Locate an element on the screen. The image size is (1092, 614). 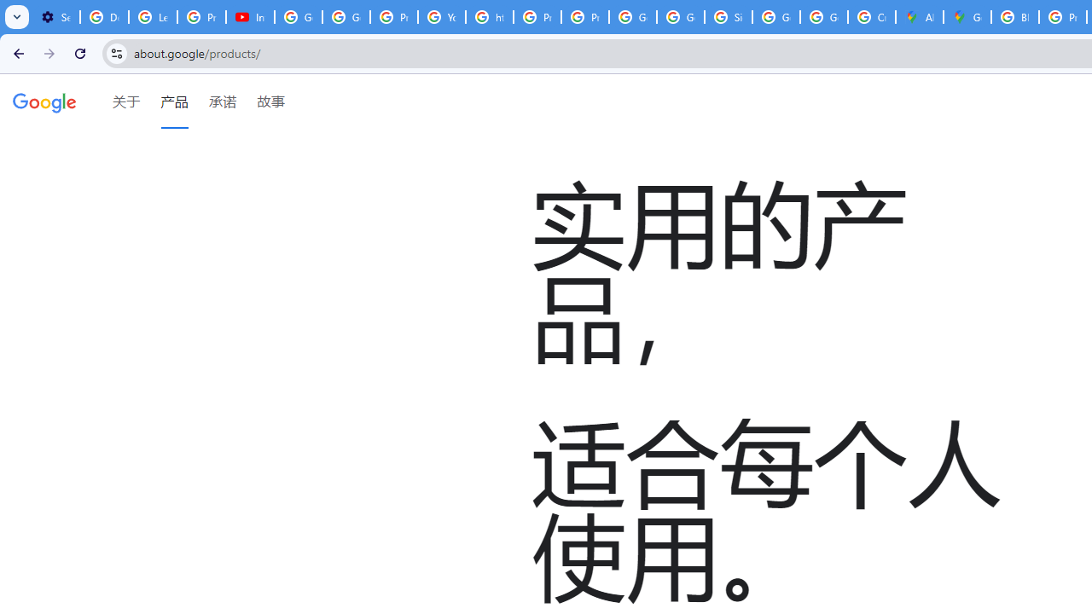
'Google Maps' is located at coordinates (967, 17).